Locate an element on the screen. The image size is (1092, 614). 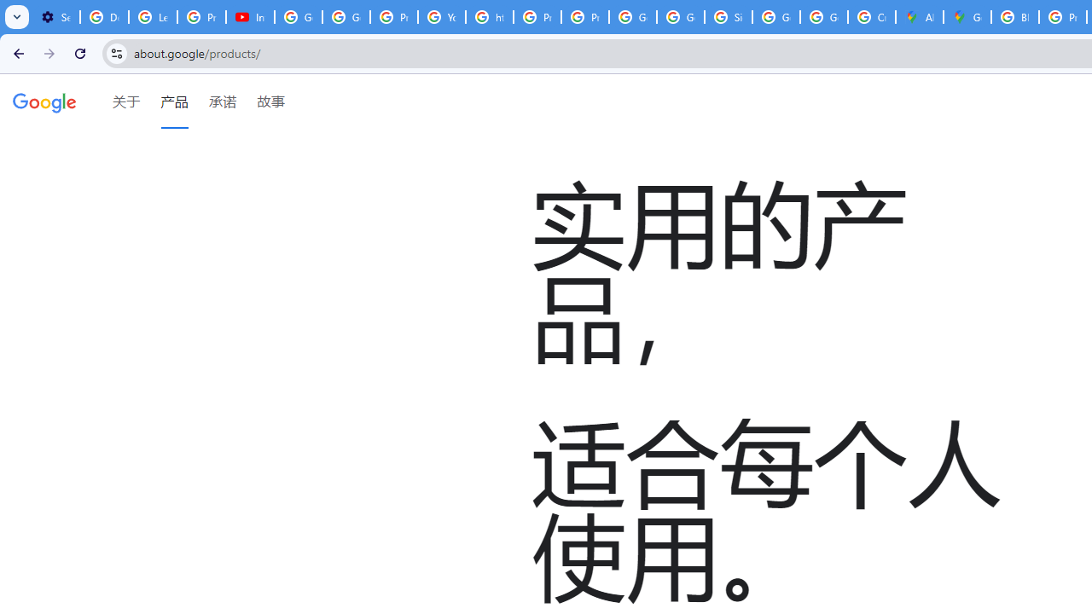
'Google Maps' is located at coordinates (967, 17).